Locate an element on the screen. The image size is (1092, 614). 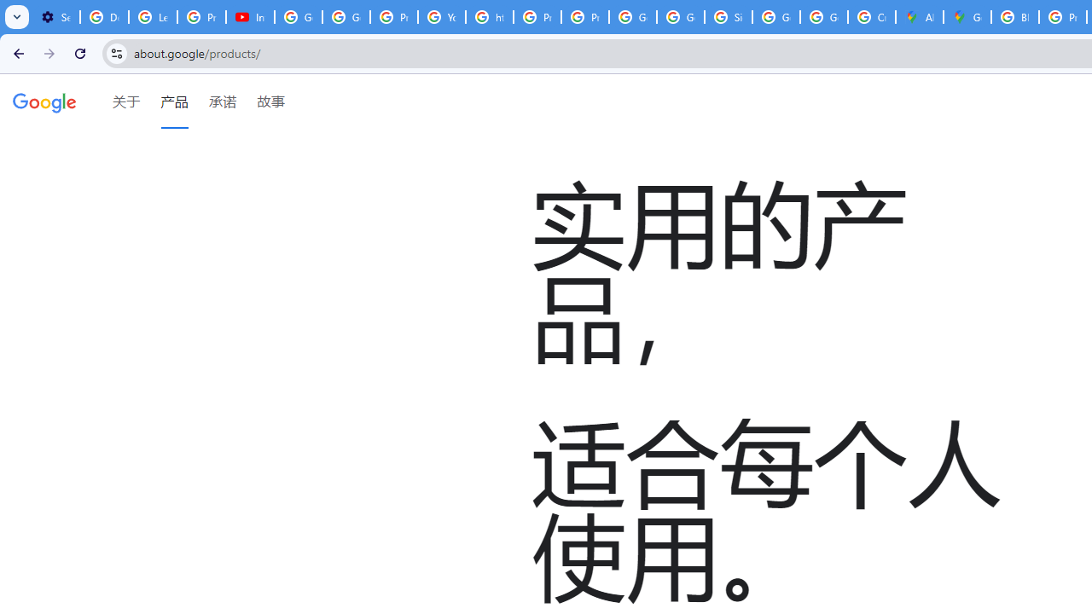
'Google Maps' is located at coordinates (967, 17).